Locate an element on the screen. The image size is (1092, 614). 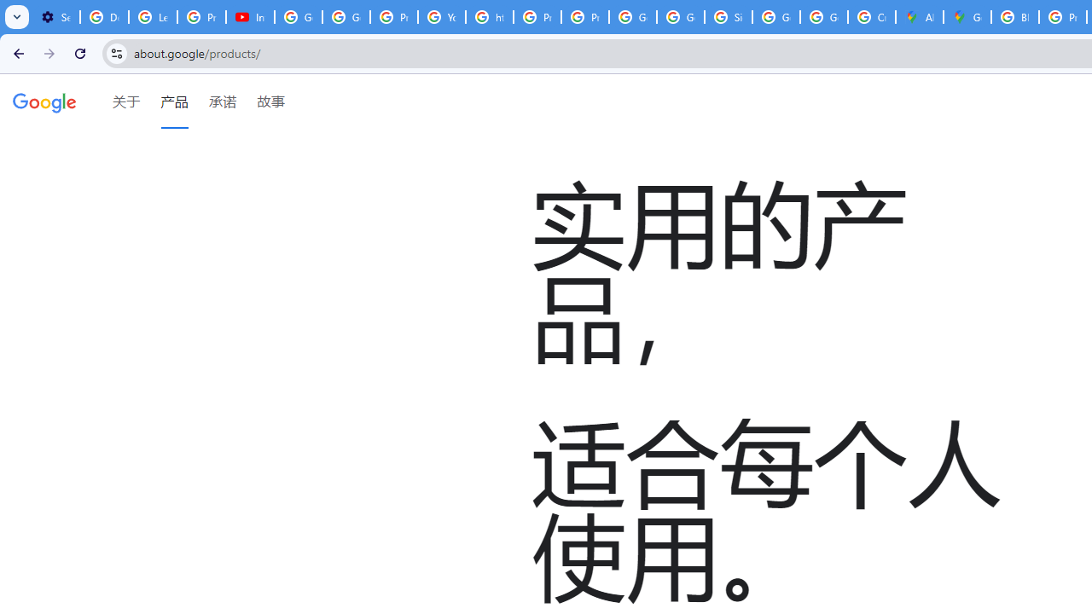
'Google Maps' is located at coordinates (967, 17).